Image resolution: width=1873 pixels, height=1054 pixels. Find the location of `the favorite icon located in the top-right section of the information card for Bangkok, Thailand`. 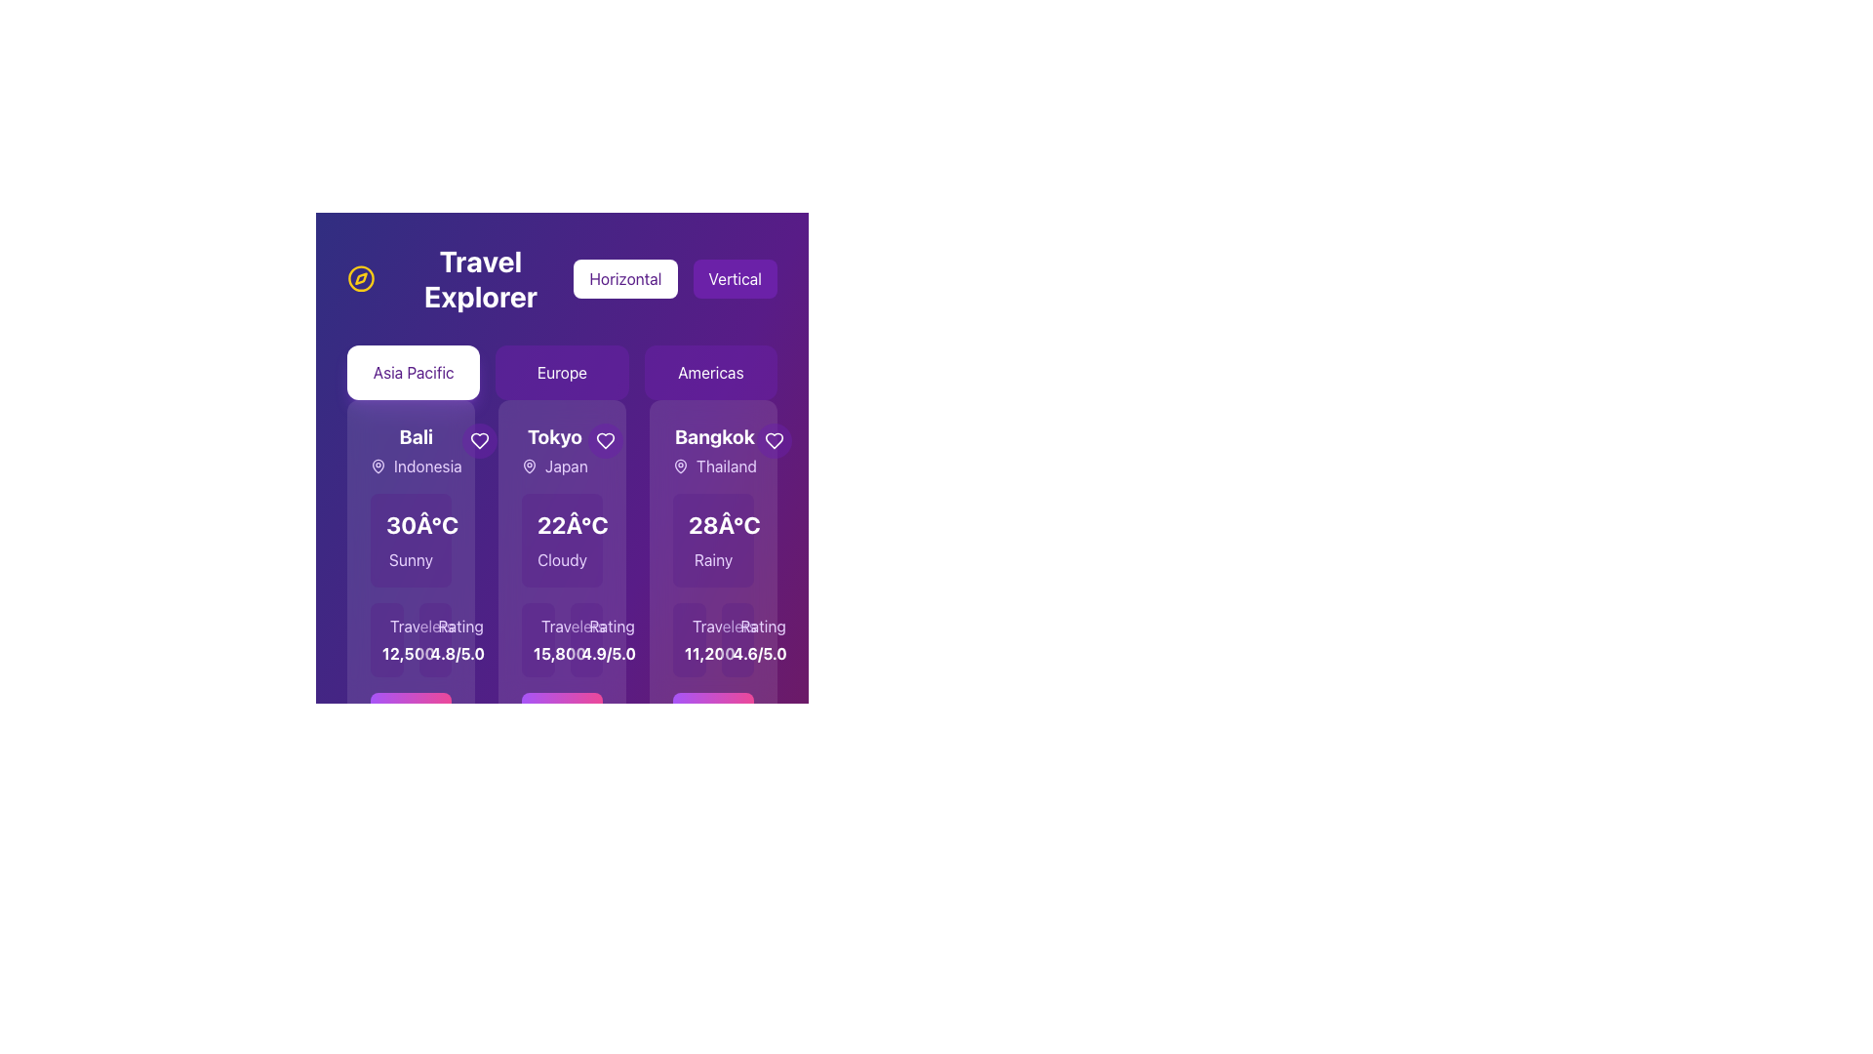

the favorite icon located in the top-right section of the information card for Bangkok, Thailand is located at coordinates (773, 440).